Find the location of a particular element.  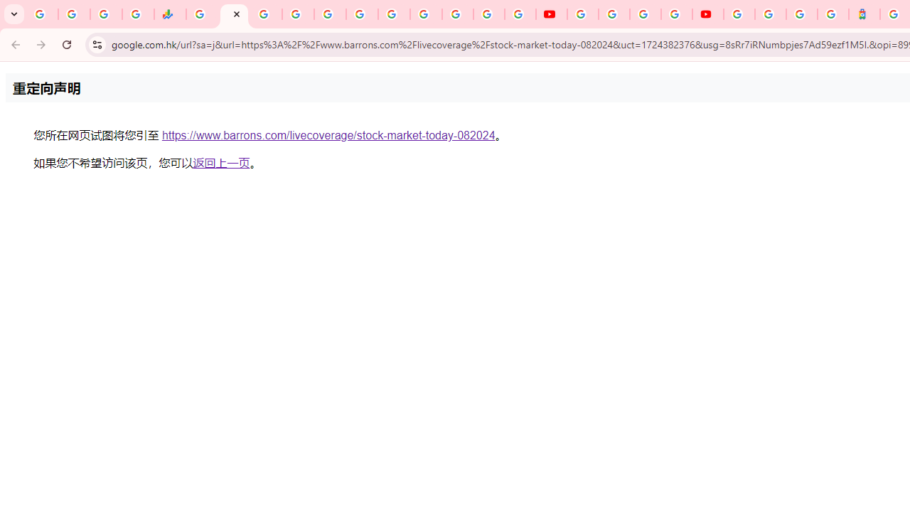

'Android TV Policies and Guidelines - Transparency Center' is located at coordinates (394, 14).